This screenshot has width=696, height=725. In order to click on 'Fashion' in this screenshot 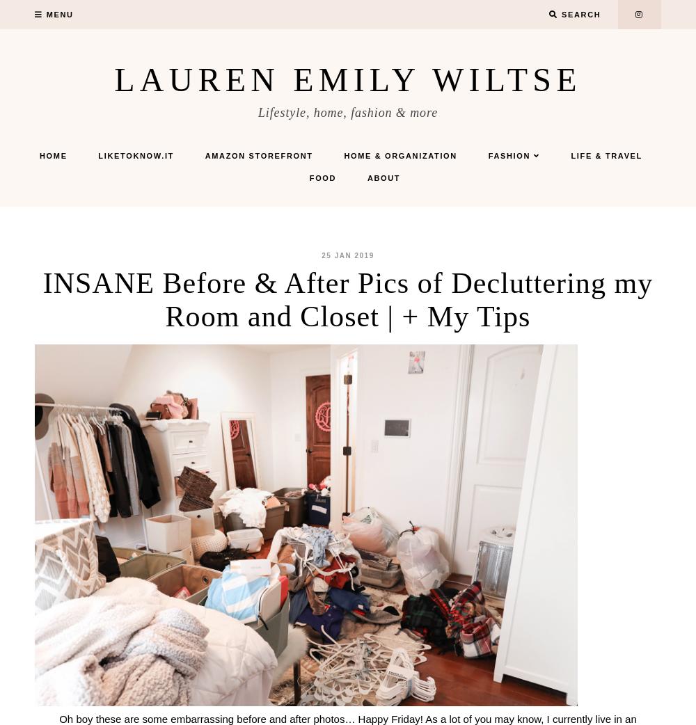, I will do `click(508, 155)`.